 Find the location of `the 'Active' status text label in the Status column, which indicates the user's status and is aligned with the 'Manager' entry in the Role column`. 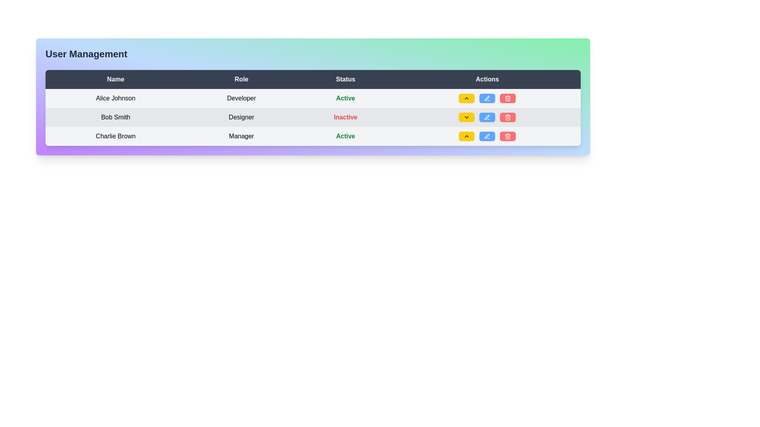

the 'Active' status text label in the Status column, which indicates the user's status and is aligned with the 'Manager' entry in the Role column is located at coordinates (346, 136).